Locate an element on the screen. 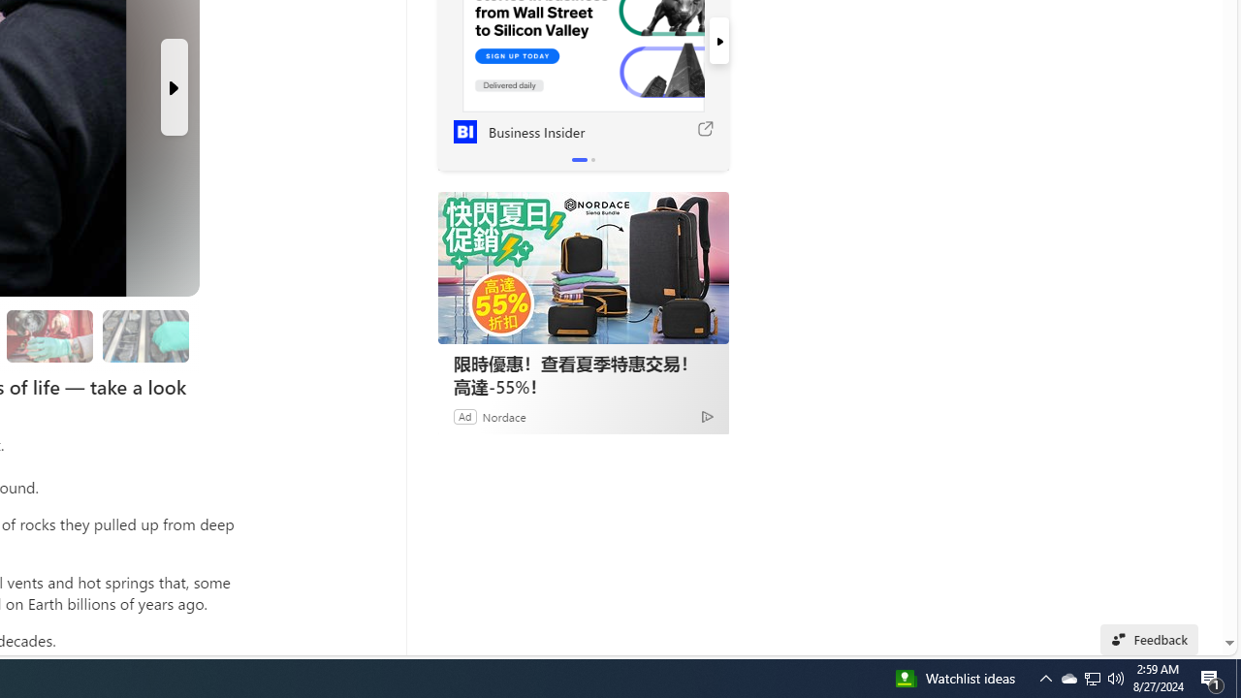 This screenshot has height=698, width=1241. 'Researchers are still studying the samples' is located at coordinates (143, 334).